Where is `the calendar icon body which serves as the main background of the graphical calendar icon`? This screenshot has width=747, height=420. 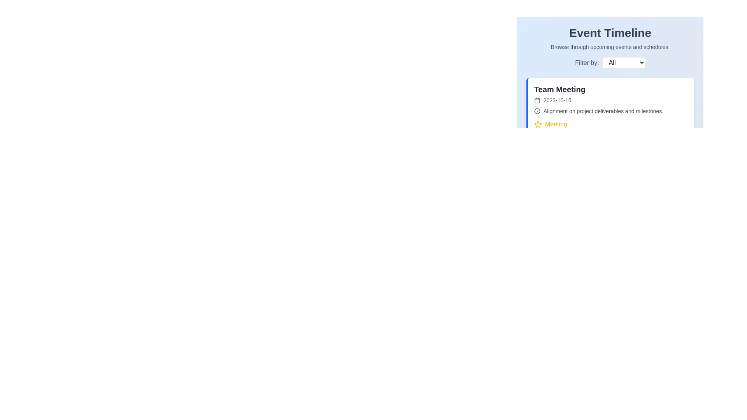 the calendar icon body which serves as the main background of the graphical calendar icon is located at coordinates (537, 100).